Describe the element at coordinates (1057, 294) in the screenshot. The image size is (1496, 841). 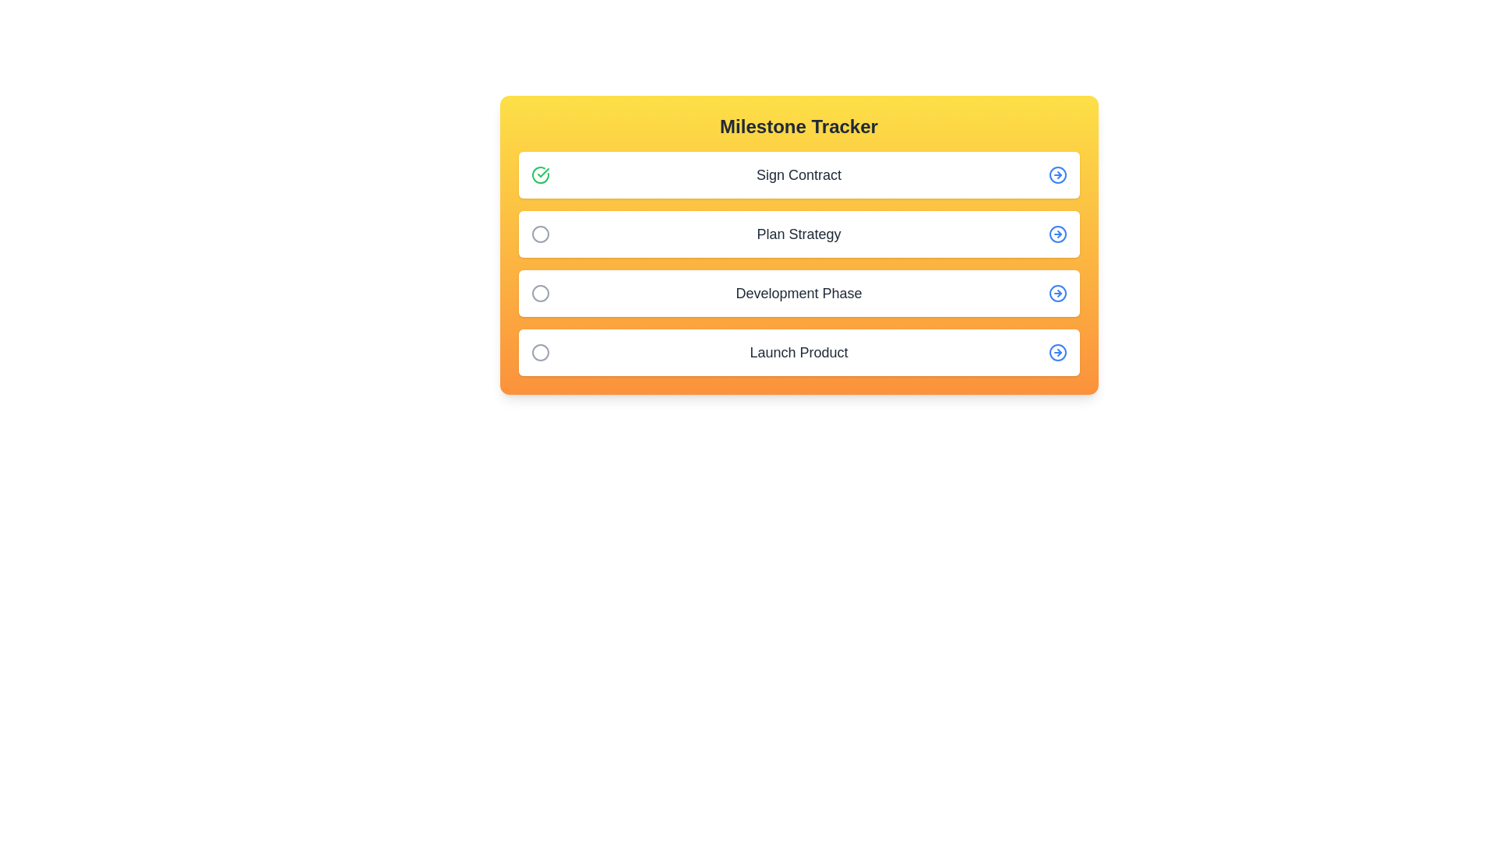
I see `the SVG circle element, which is a circular outline representing a milestone in the 'Development Phase' row of the milestone tracker` at that location.